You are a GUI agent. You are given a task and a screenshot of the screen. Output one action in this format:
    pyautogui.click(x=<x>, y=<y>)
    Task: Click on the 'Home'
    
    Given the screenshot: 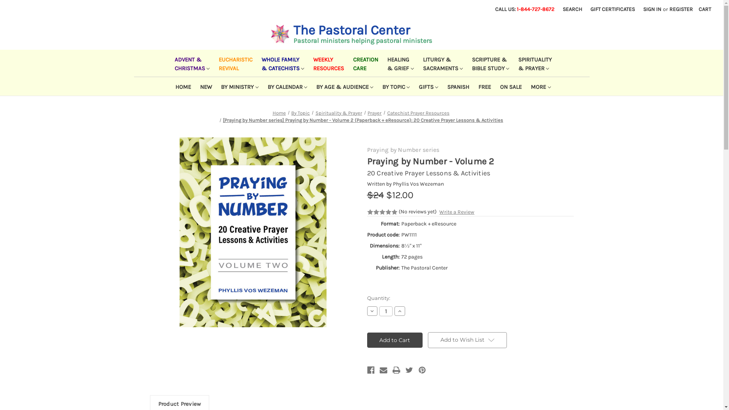 What is the action you would take?
    pyautogui.click(x=273, y=113)
    